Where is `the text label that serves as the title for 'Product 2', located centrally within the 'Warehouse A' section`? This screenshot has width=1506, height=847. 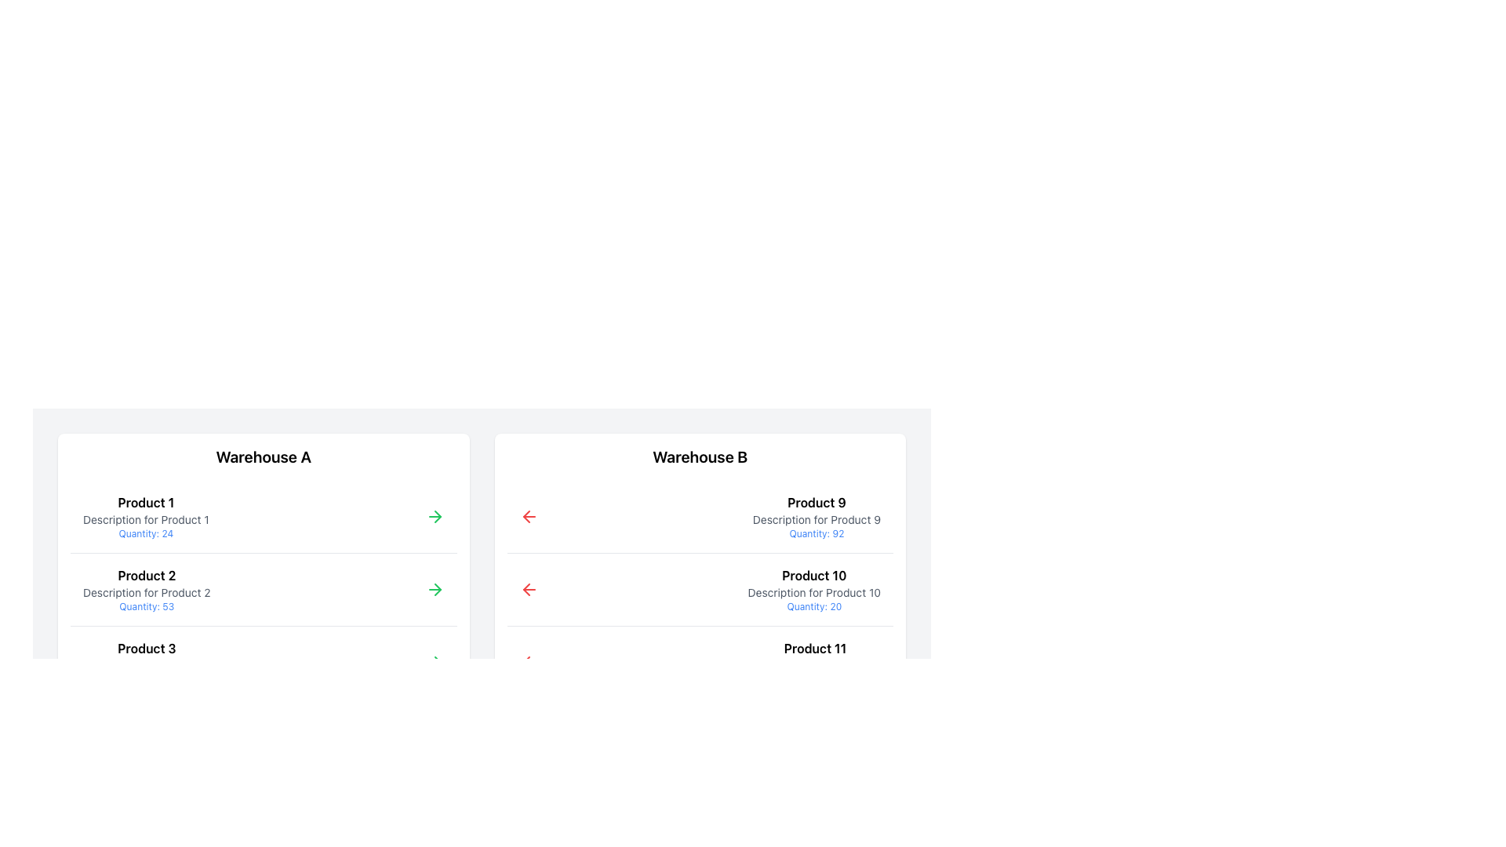 the text label that serves as the title for 'Product 2', located centrally within the 'Warehouse A' section is located at coordinates (147, 575).